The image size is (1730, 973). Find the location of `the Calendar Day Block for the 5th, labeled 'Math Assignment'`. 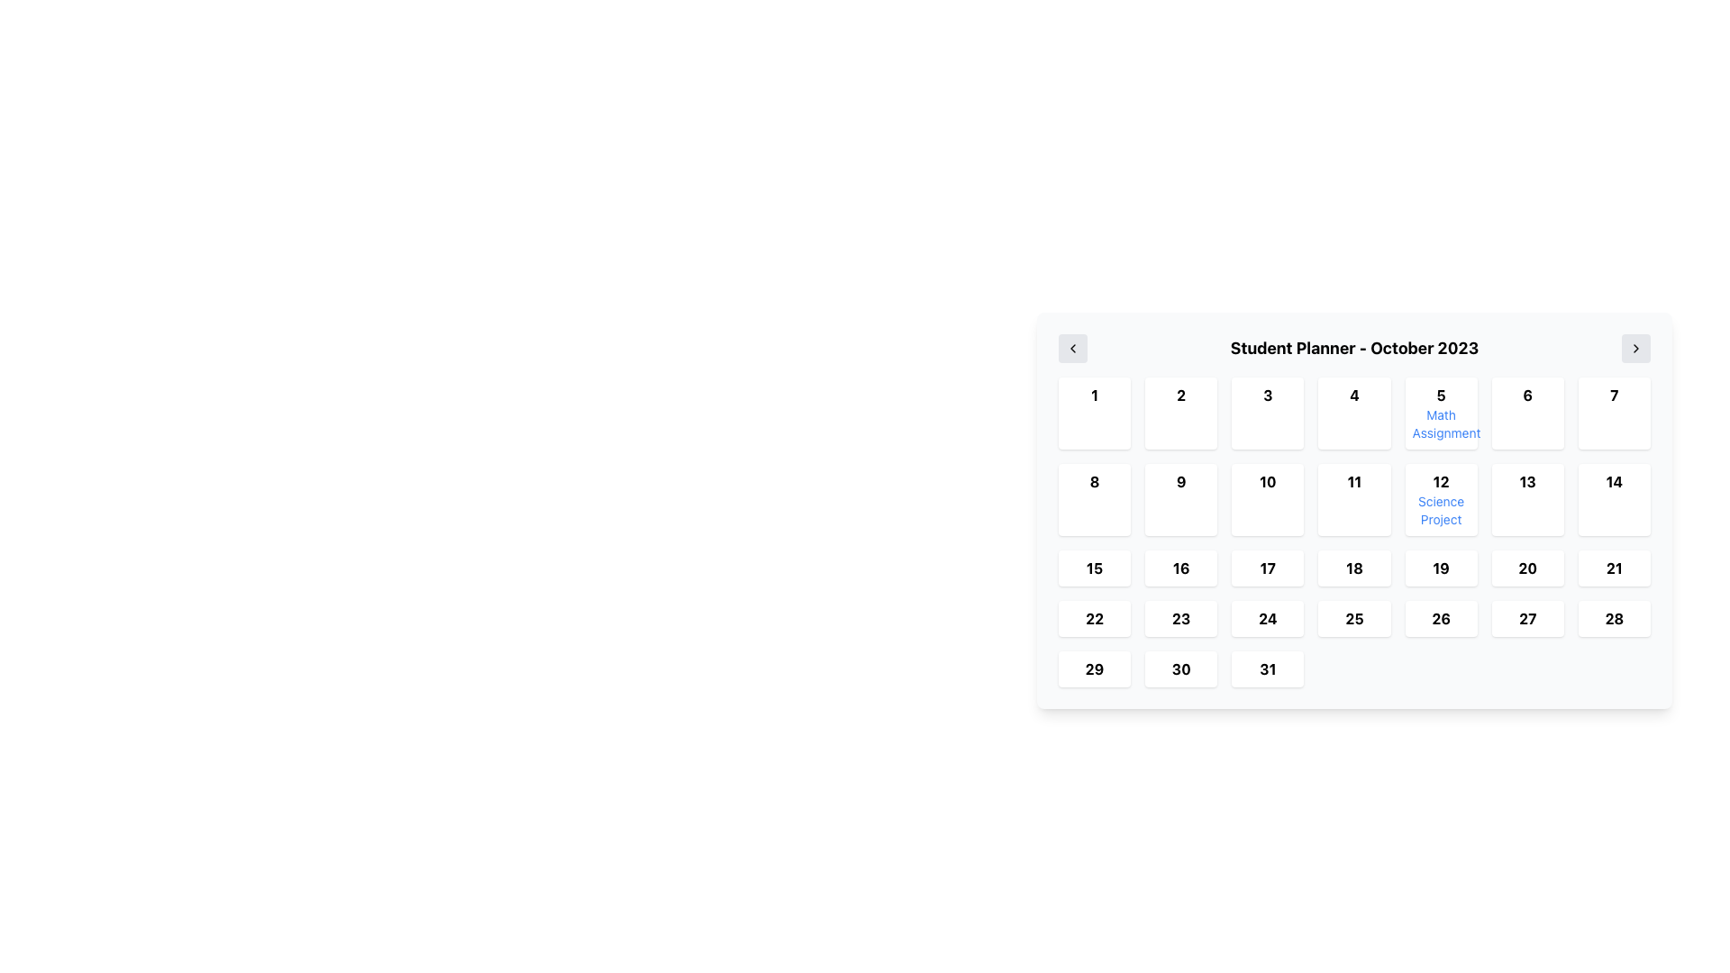

the Calendar Day Block for the 5th, labeled 'Math Assignment' is located at coordinates (1440, 414).